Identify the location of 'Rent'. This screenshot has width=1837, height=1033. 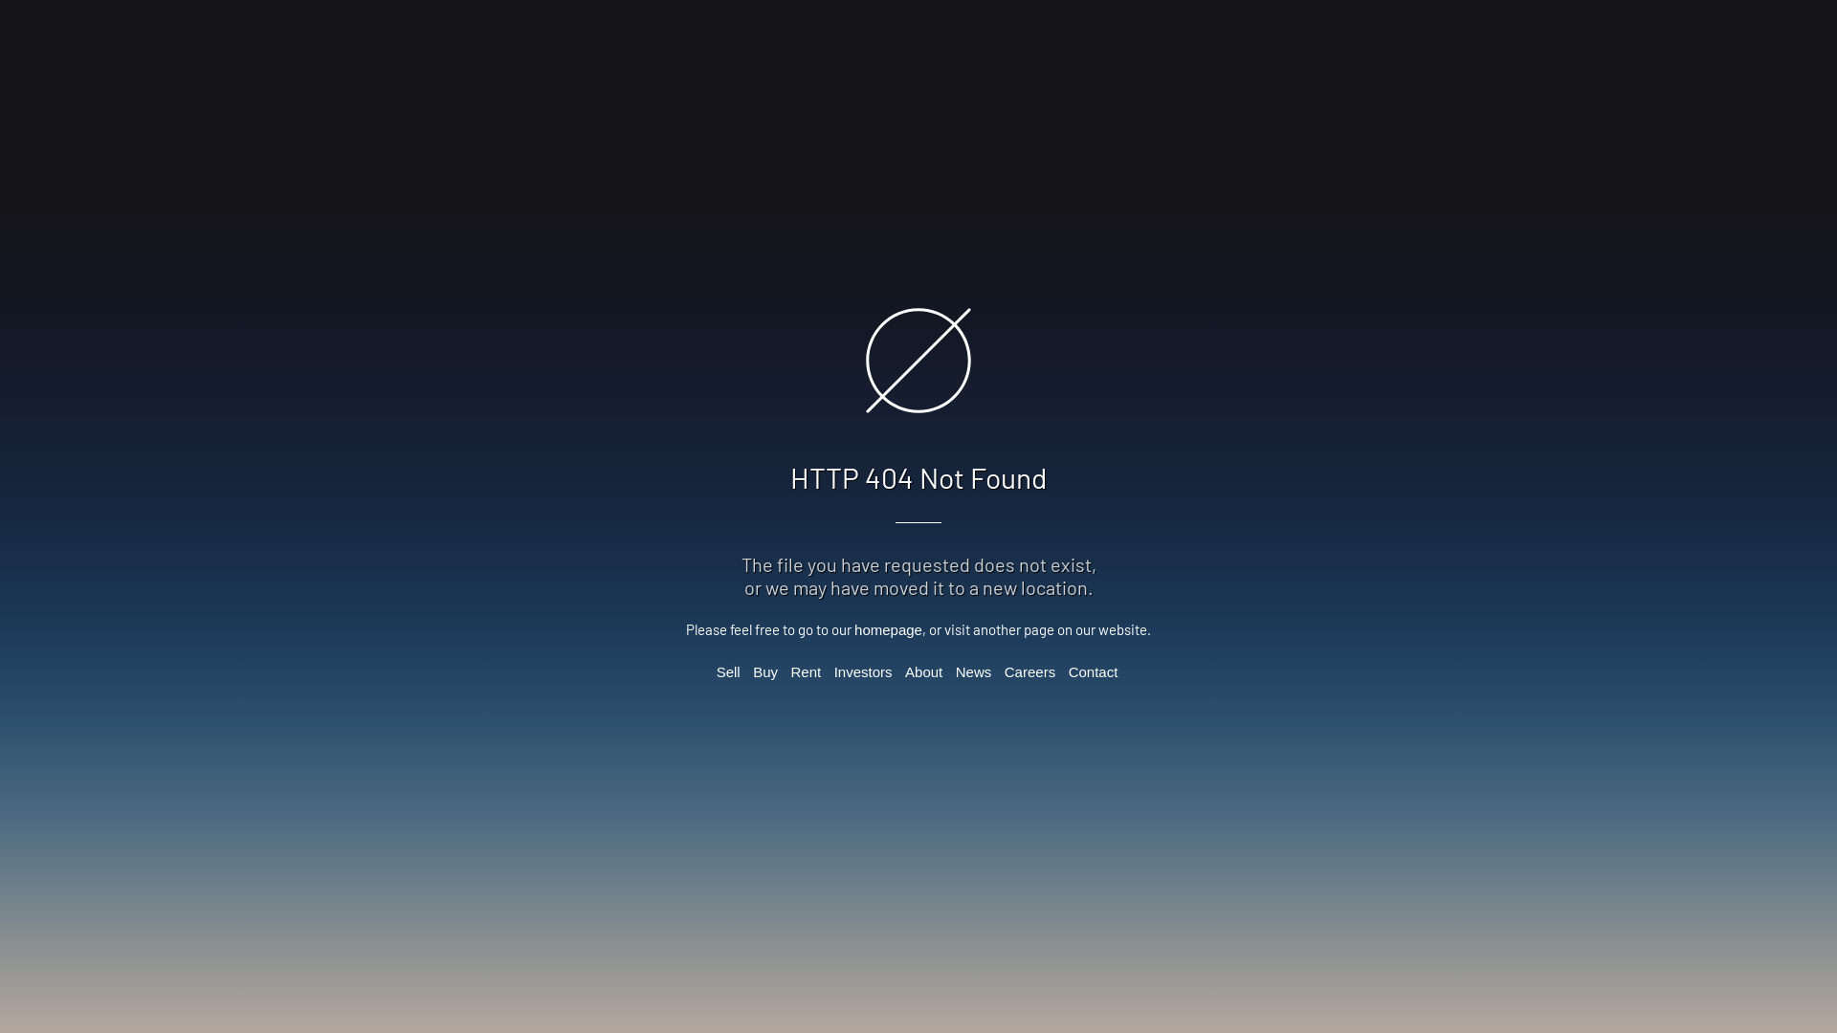
(807, 670).